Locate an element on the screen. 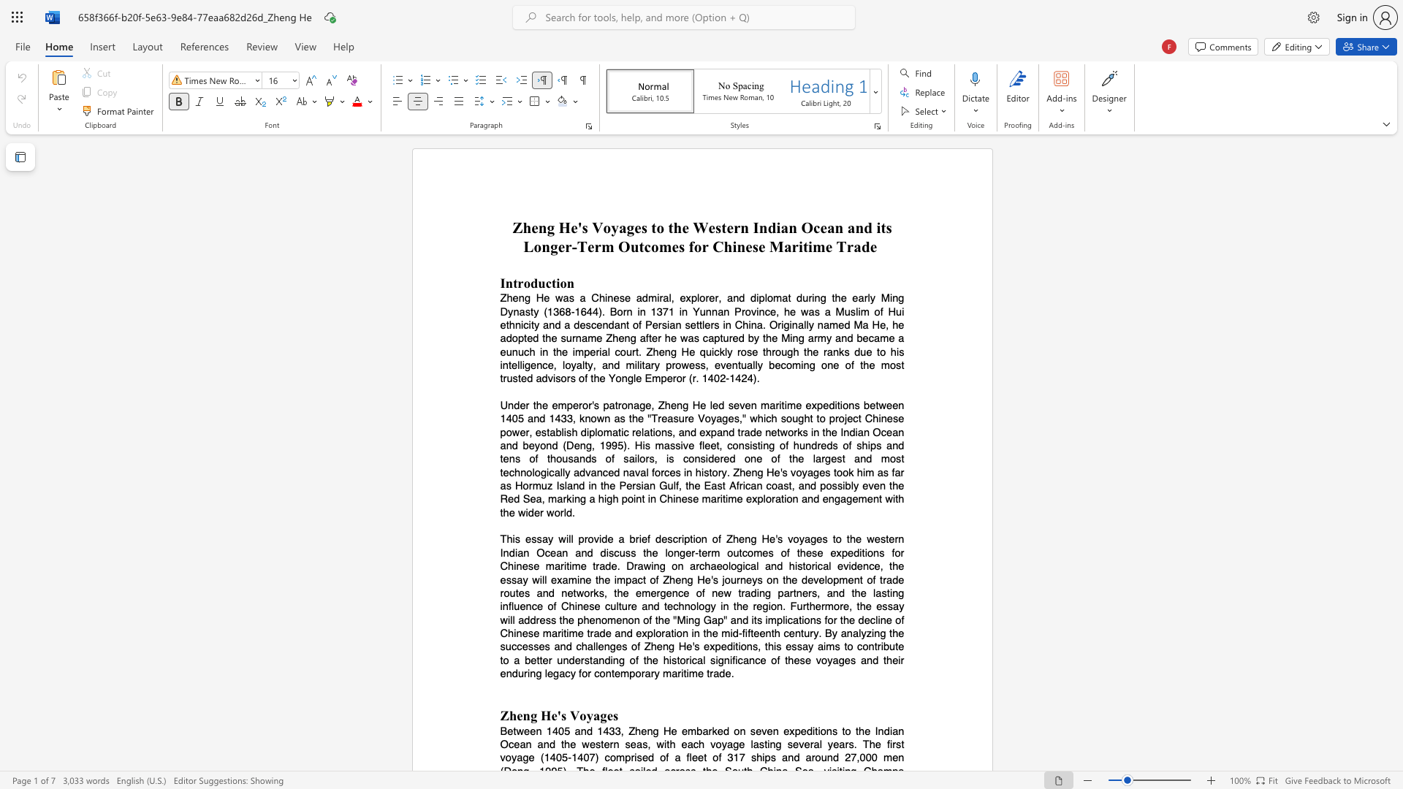  the space between the continuous character "u" and "g" in the text is located at coordinates (797, 419).